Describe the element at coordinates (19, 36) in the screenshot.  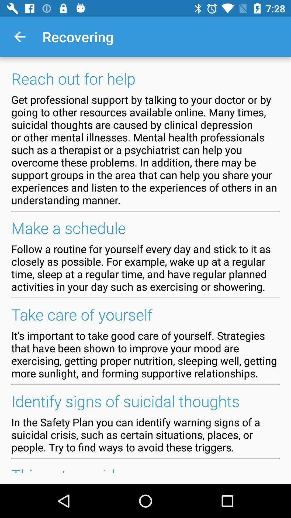
I see `the item next to recovering icon` at that location.